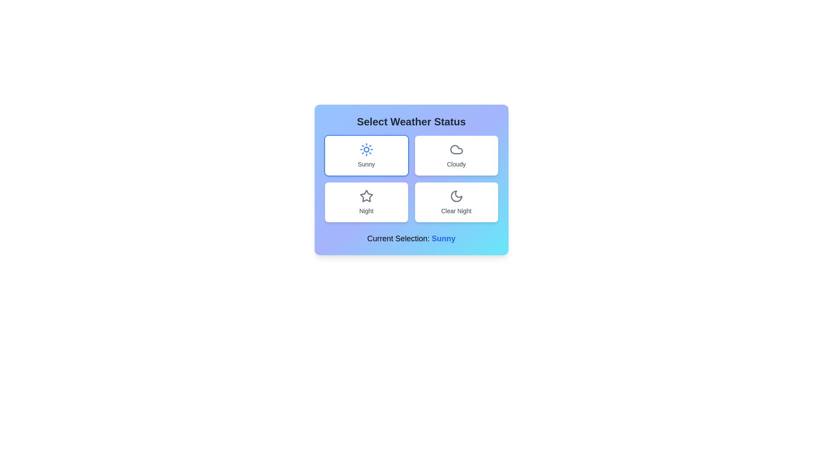  Describe the element at coordinates (366, 155) in the screenshot. I see `the interactive selection card representing the 'Sunny' weather option located in the top-left position of the grid layout` at that location.